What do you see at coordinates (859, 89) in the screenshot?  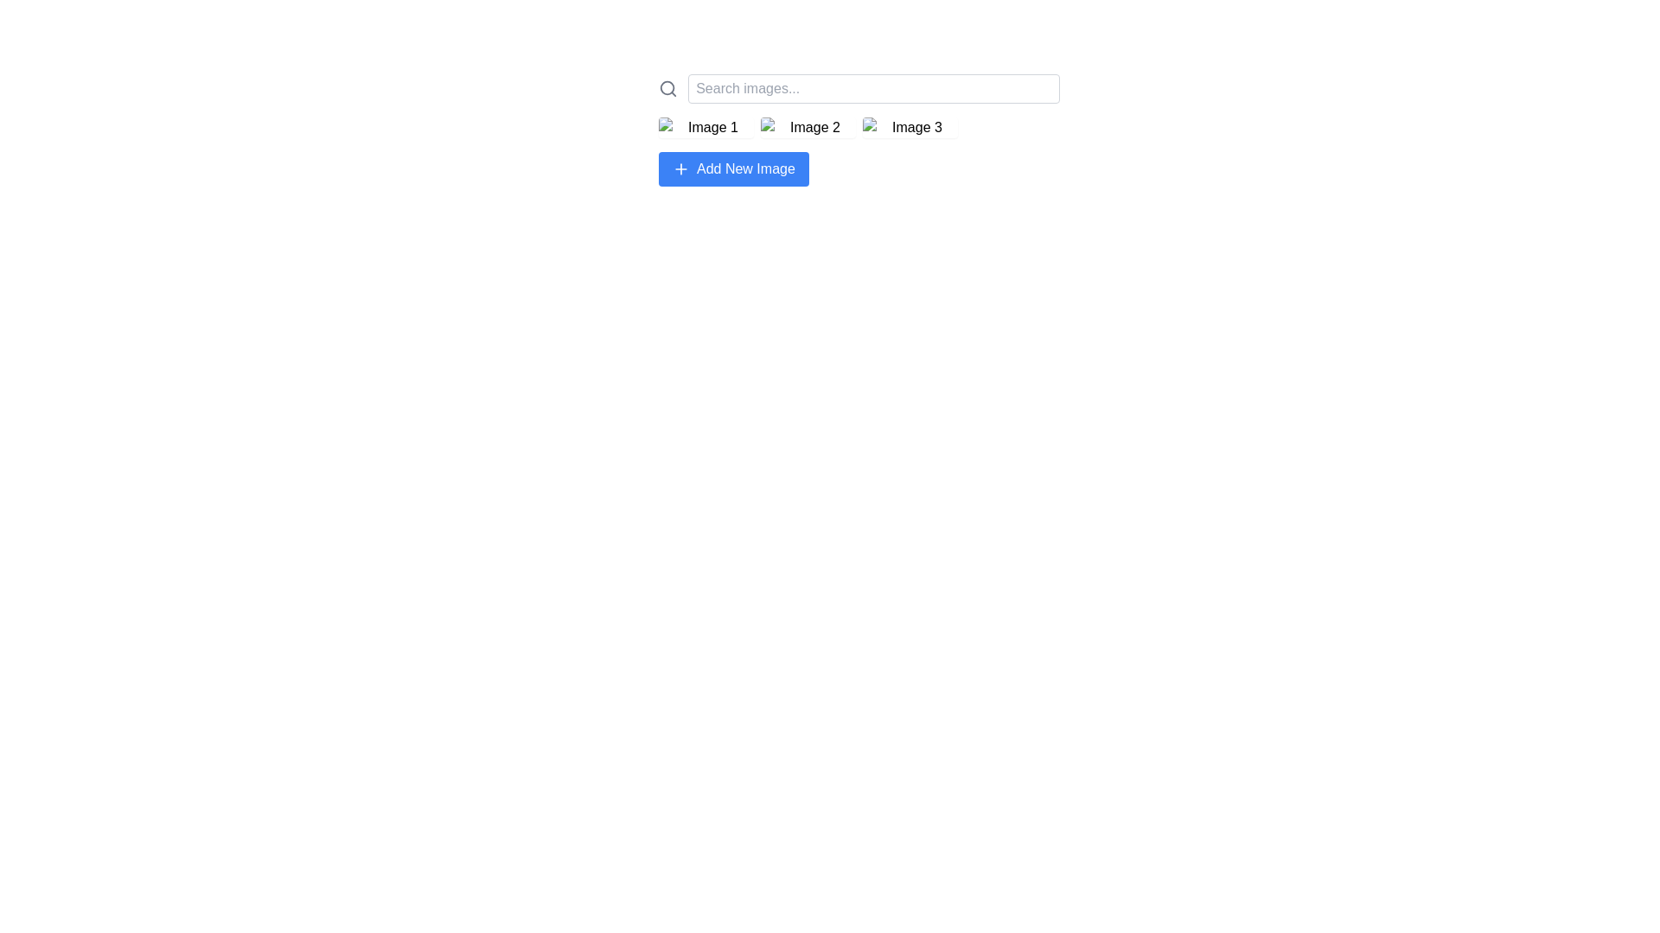 I see `the search input field located at the top-left of the interface` at bounding box center [859, 89].